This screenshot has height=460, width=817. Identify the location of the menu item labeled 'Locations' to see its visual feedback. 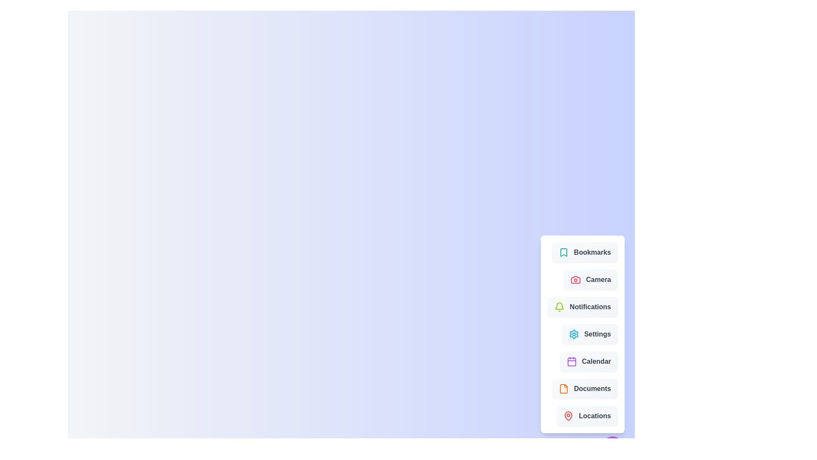
(587, 415).